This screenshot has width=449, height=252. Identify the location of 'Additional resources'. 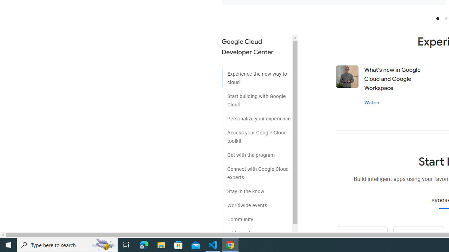
(256, 231).